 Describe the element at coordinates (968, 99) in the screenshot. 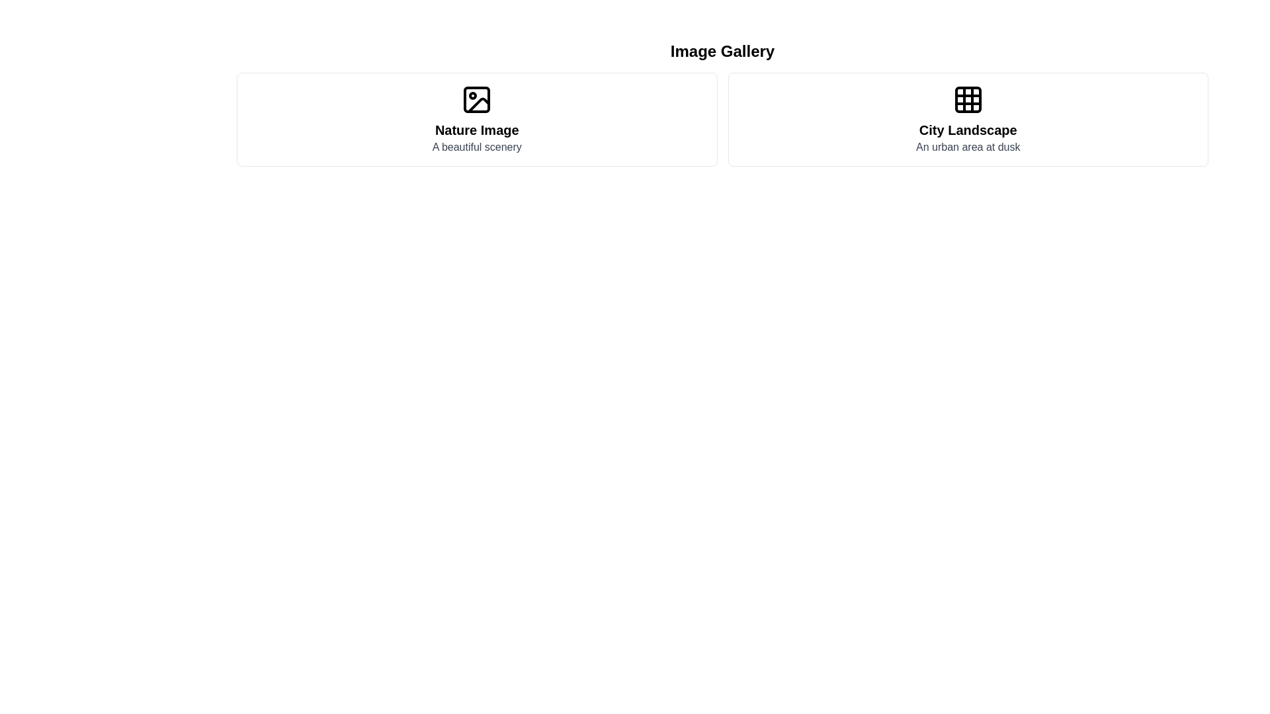

I see `the grid icon, which appears as a 3x3 arrangement of squares outlined in black, located at the top-center of the 'City Landscape' card` at that location.